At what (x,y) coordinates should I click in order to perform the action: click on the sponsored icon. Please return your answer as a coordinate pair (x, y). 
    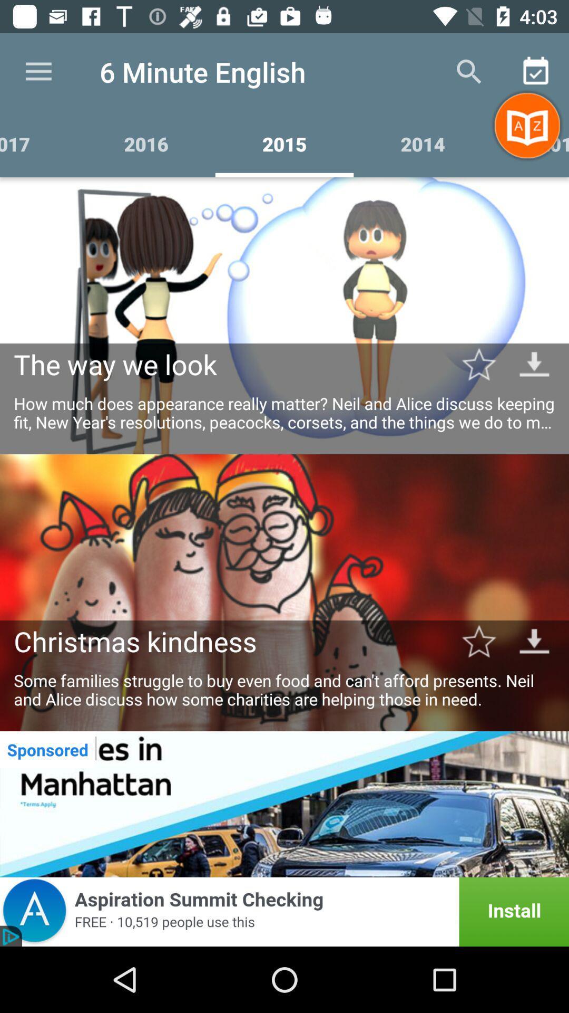
    Looking at the image, I should click on (47, 749).